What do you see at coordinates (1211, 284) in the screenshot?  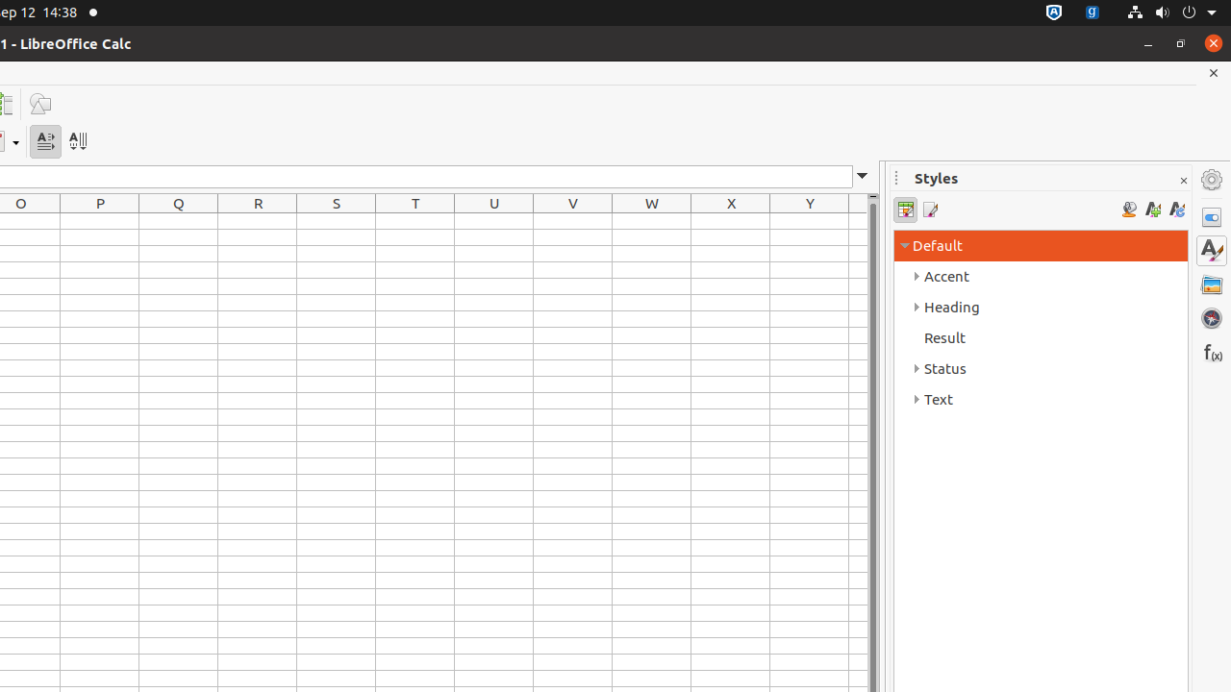 I see `'Gallery'` at bounding box center [1211, 284].